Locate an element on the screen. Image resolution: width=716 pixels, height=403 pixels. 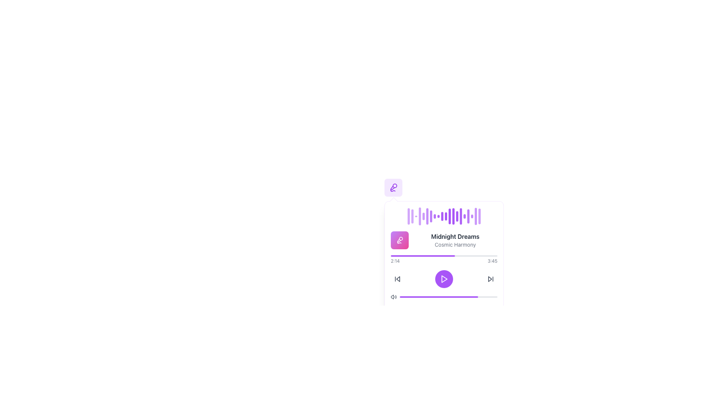
the purple microphone icon button located near the top-left corner of the music player widget is located at coordinates (393, 187).